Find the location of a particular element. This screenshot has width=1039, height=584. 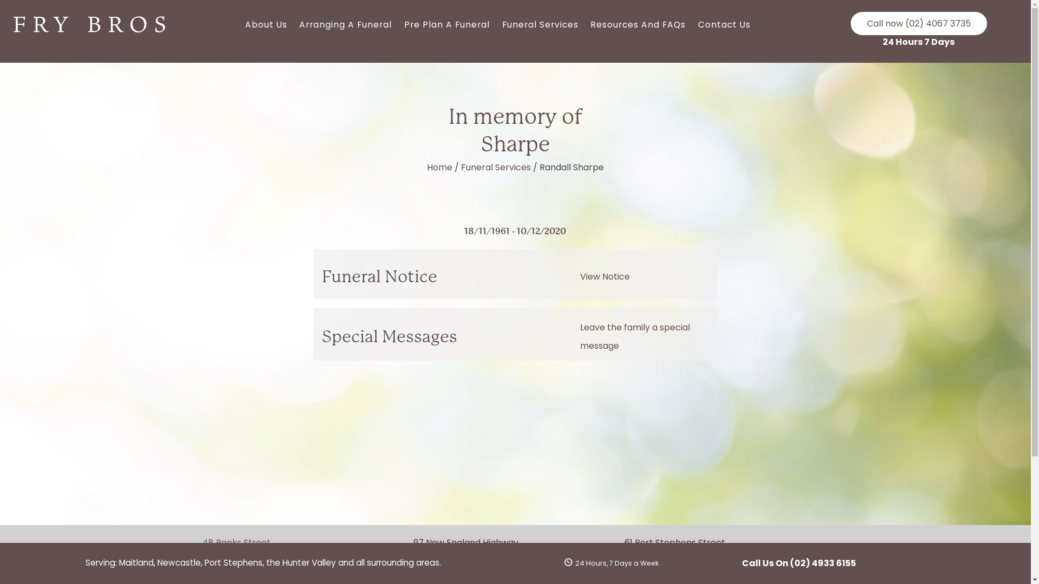

'Call now (02) 4067 3735' is located at coordinates (918, 23).